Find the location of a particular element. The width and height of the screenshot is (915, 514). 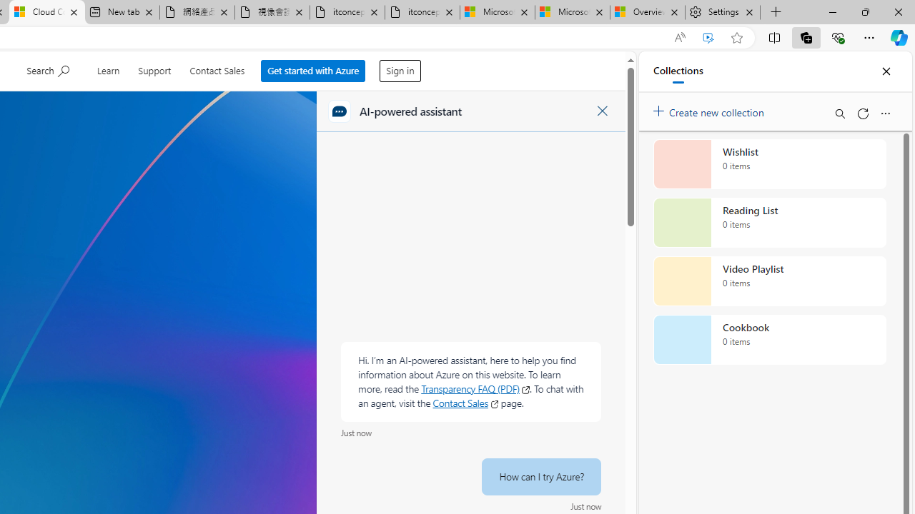

'Enhance video' is located at coordinates (708, 37).